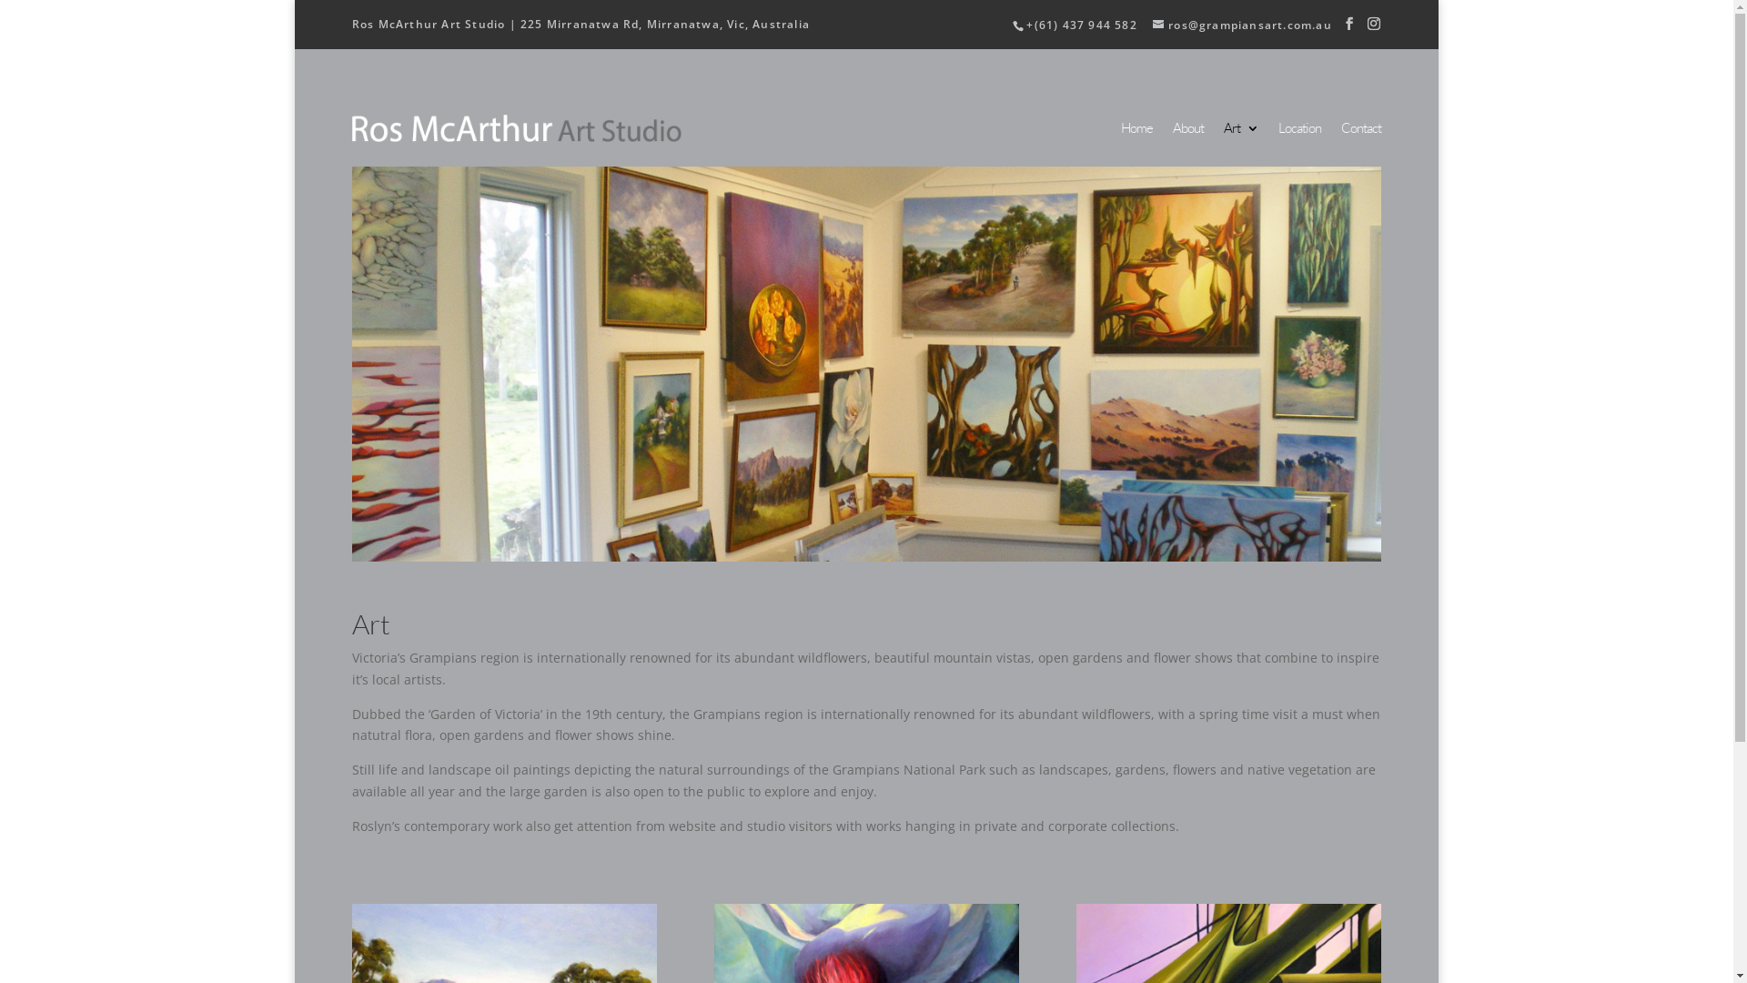 This screenshot has width=1747, height=983. I want to click on 'Contact', so click(1340, 136).